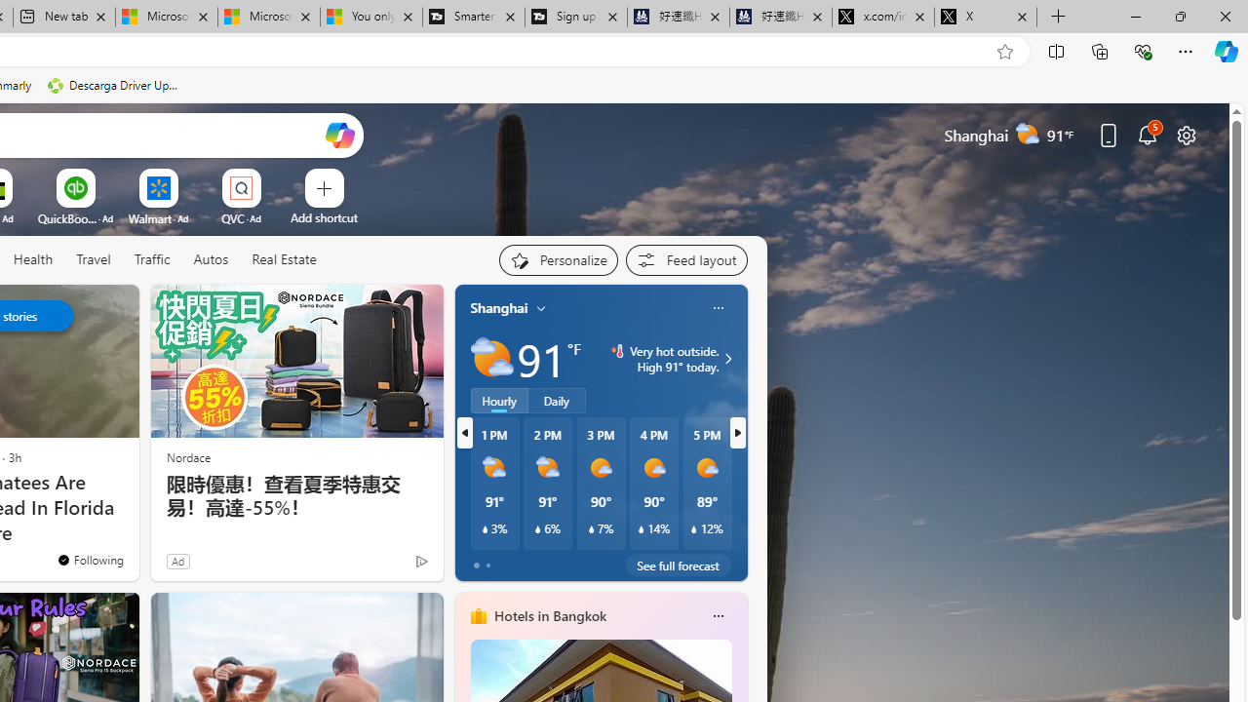  Describe the element at coordinates (33, 258) in the screenshot. I see `'Health'` at that location.